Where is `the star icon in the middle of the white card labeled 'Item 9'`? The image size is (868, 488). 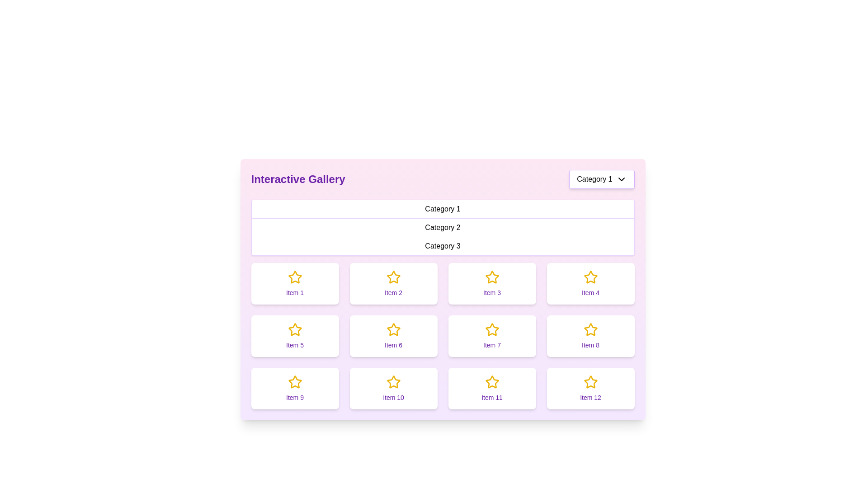 the star icon in the middle of the white card labeled 'Item 9' is located at coordinates (295, 382).